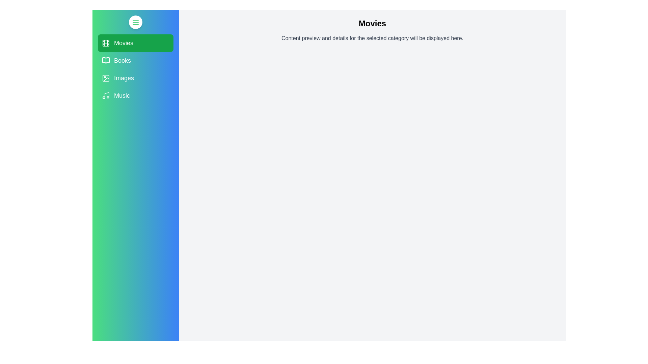 The width and height of the screenshot is (648, 364). I want to click on the category Books to view its details, so click(135, 61).